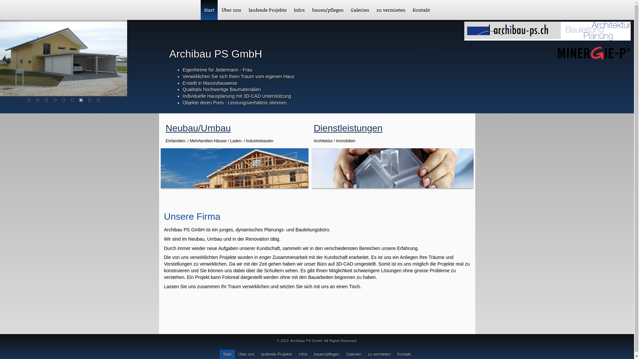 The image size is (639, 359). What do you see at coordinates (72, 101) in the screenshot?
I see `'6'` at bounding box center [72, 101].